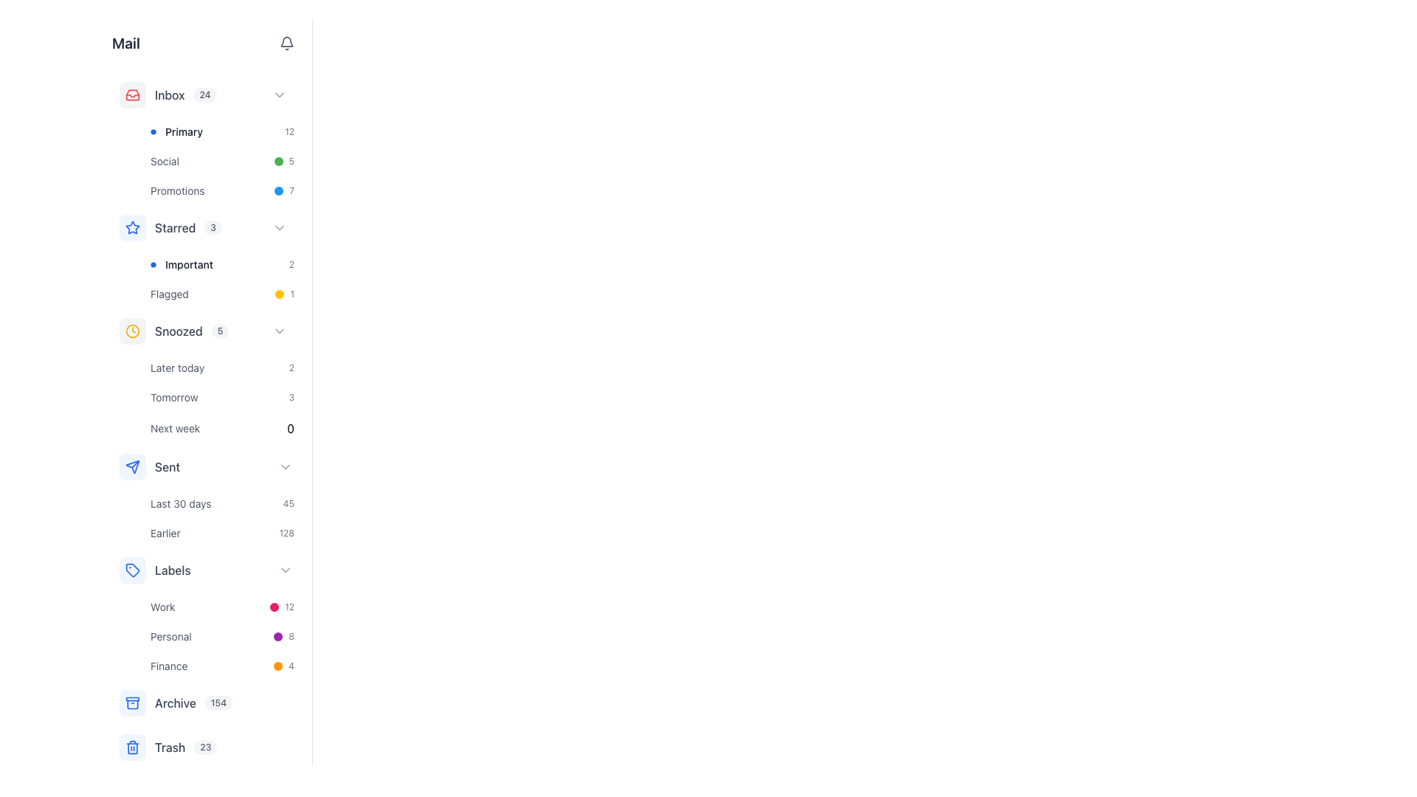  Describe the element at coordinates (133, 748) in the screenshot. I see `the blue trash can icon with a white background located at the bottom of the vertical menu, adjacent to the 'Trash' label` at that location.